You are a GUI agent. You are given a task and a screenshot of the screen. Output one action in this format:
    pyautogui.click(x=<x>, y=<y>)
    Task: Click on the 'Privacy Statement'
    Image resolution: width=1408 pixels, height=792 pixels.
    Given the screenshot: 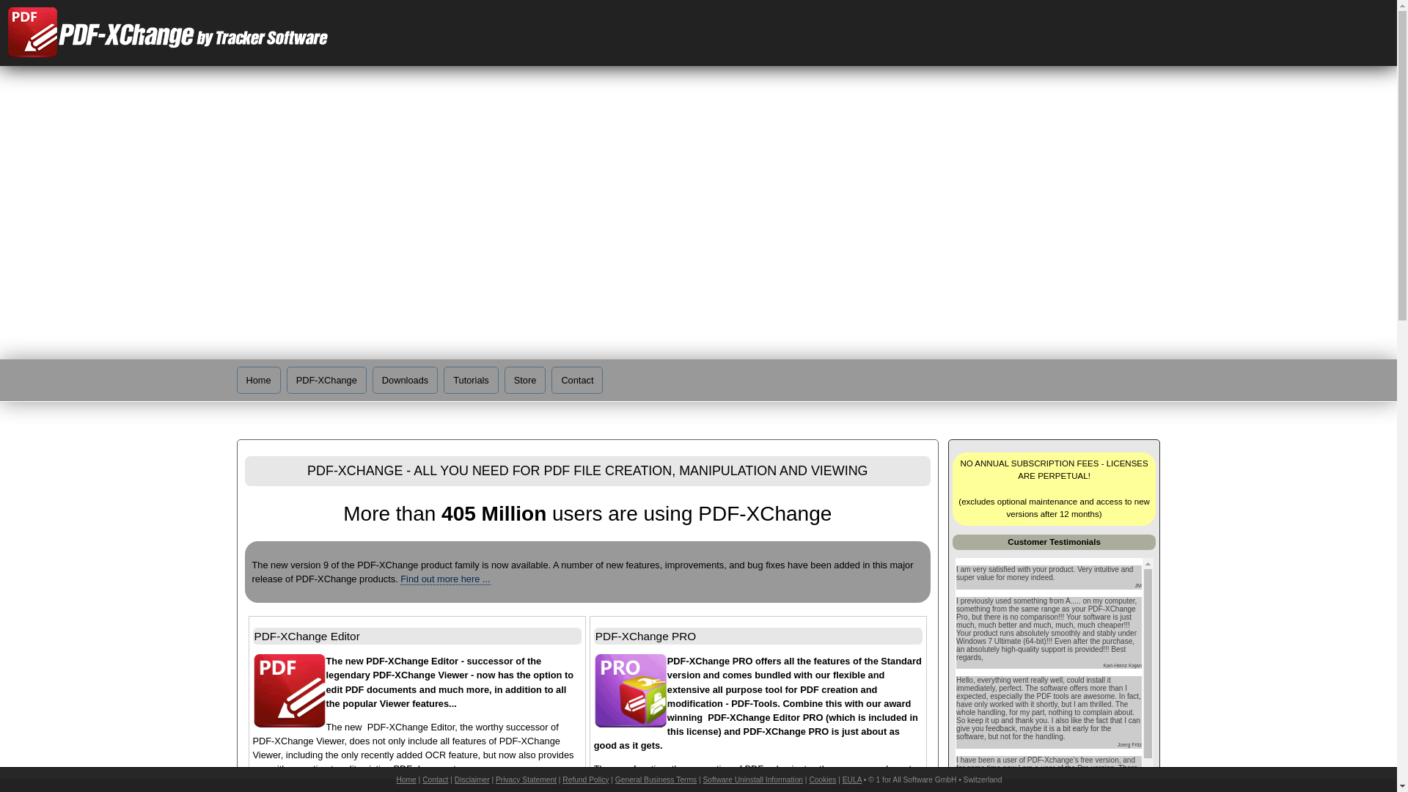 What is the action you would take?
    pyautogui.click(x=526, y=779)
    